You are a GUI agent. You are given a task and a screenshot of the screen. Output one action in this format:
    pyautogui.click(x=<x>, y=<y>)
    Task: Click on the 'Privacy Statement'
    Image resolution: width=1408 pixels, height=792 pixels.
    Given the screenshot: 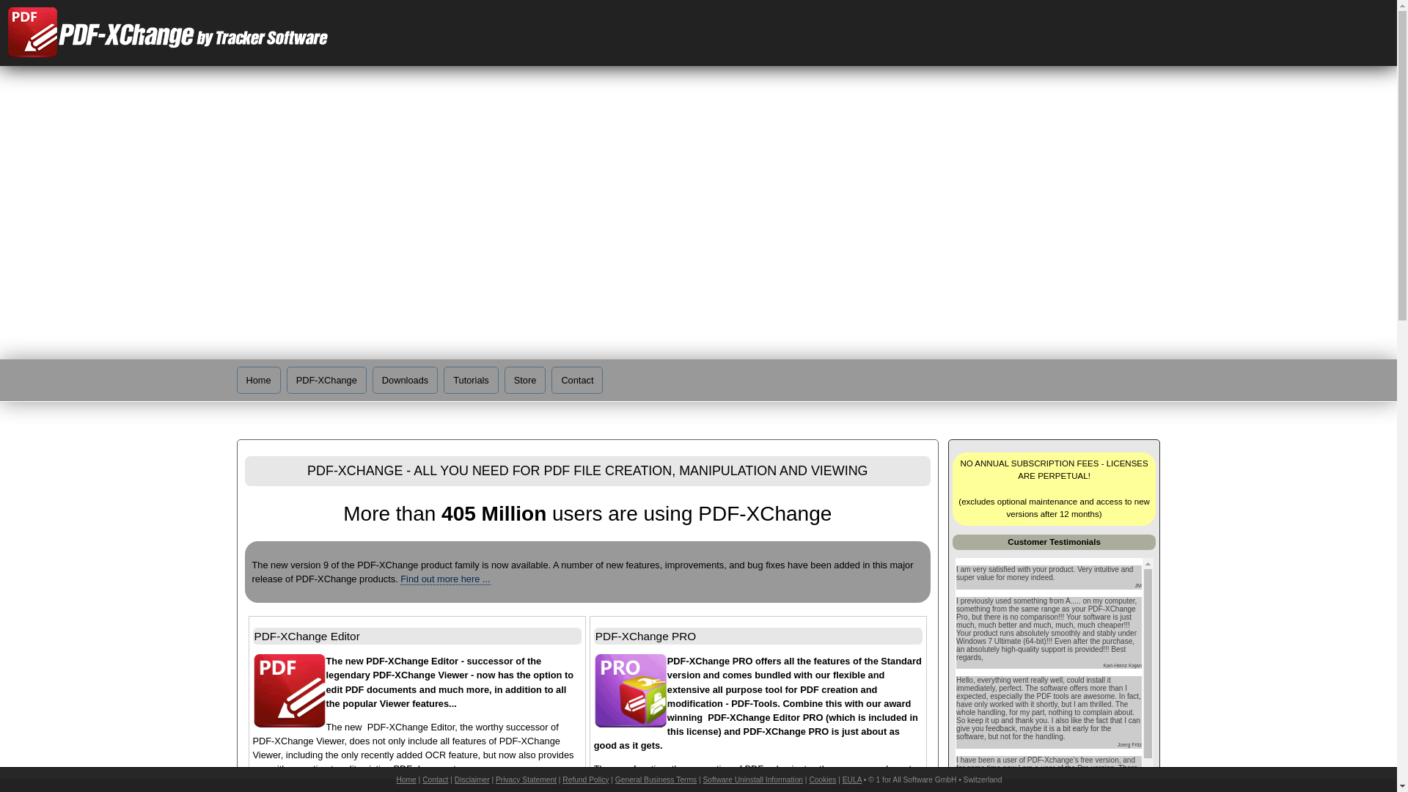 What is the action you would take?
    pyautogui.click(x=526, y=779)
    